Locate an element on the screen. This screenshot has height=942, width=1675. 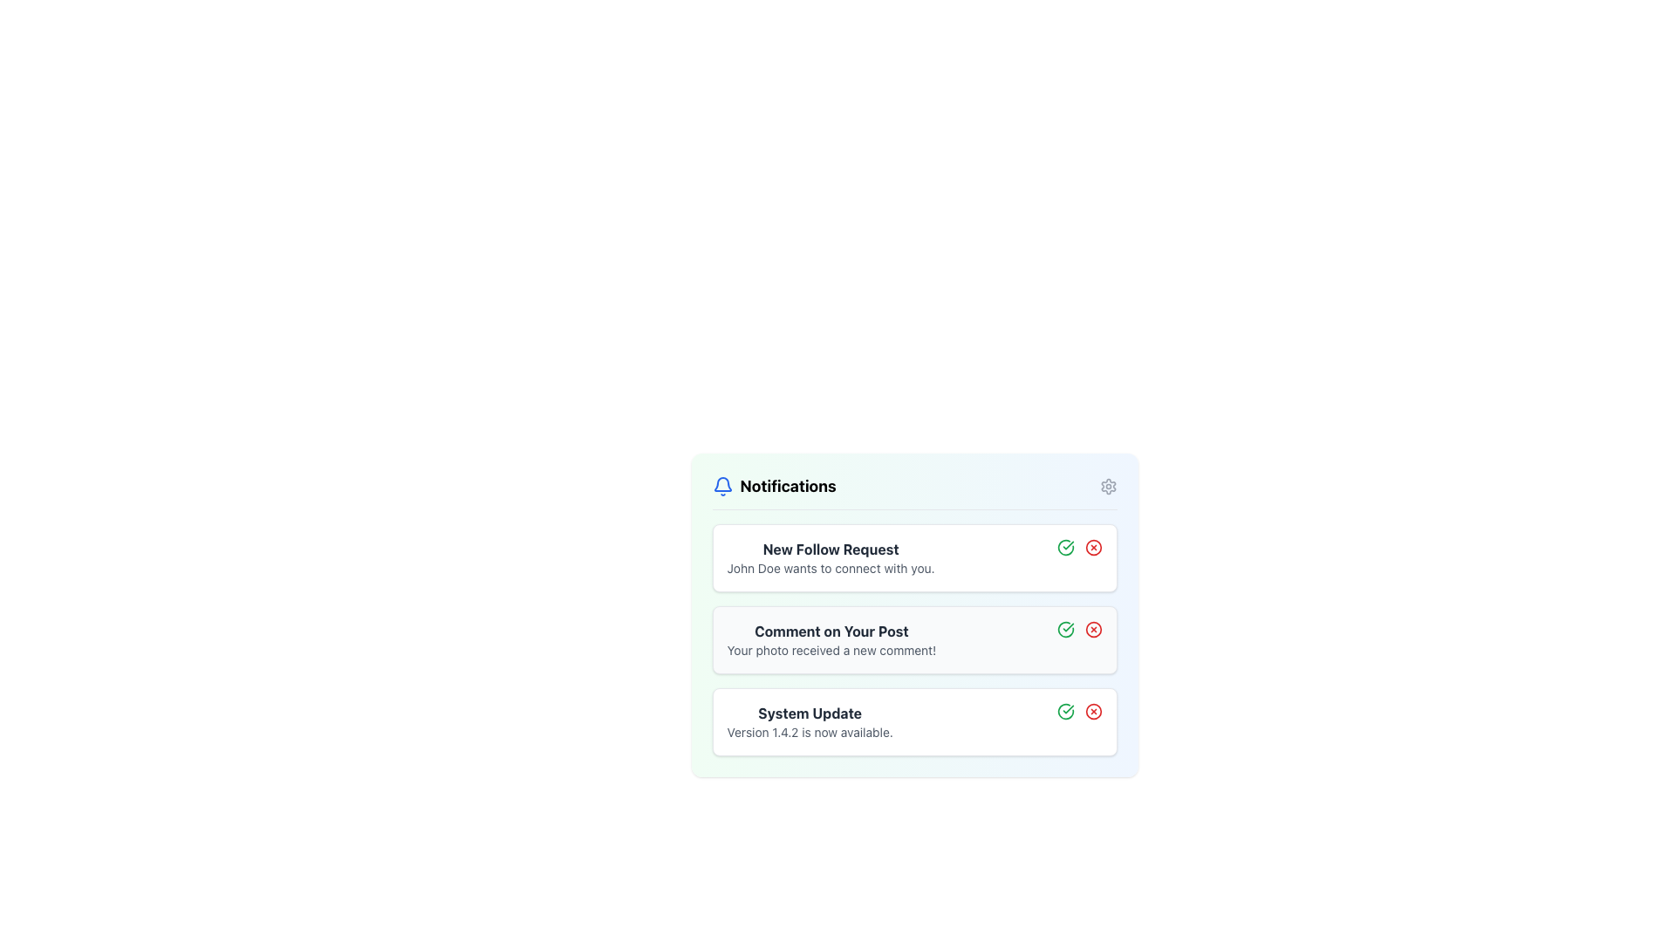
the Informational Text Block displaying 'System Update Version 1.4.2 is now available.' to focus on it is located at coordinates (809, 722).